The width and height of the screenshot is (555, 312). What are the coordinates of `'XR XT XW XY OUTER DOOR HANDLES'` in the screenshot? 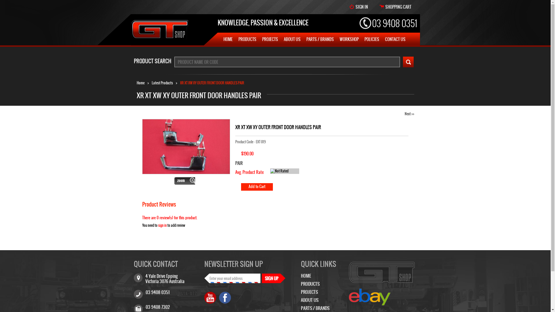 It's located at (186, 146).